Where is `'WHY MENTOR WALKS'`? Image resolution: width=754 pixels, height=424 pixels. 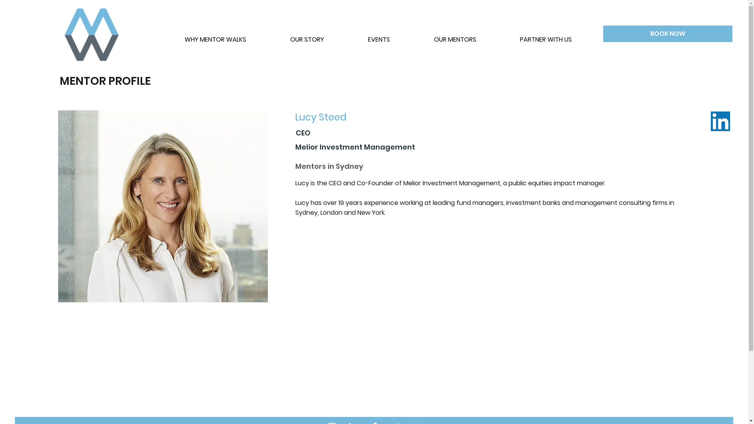 'WHY MENTOR WALKS' is located at coordinates (215, 36).